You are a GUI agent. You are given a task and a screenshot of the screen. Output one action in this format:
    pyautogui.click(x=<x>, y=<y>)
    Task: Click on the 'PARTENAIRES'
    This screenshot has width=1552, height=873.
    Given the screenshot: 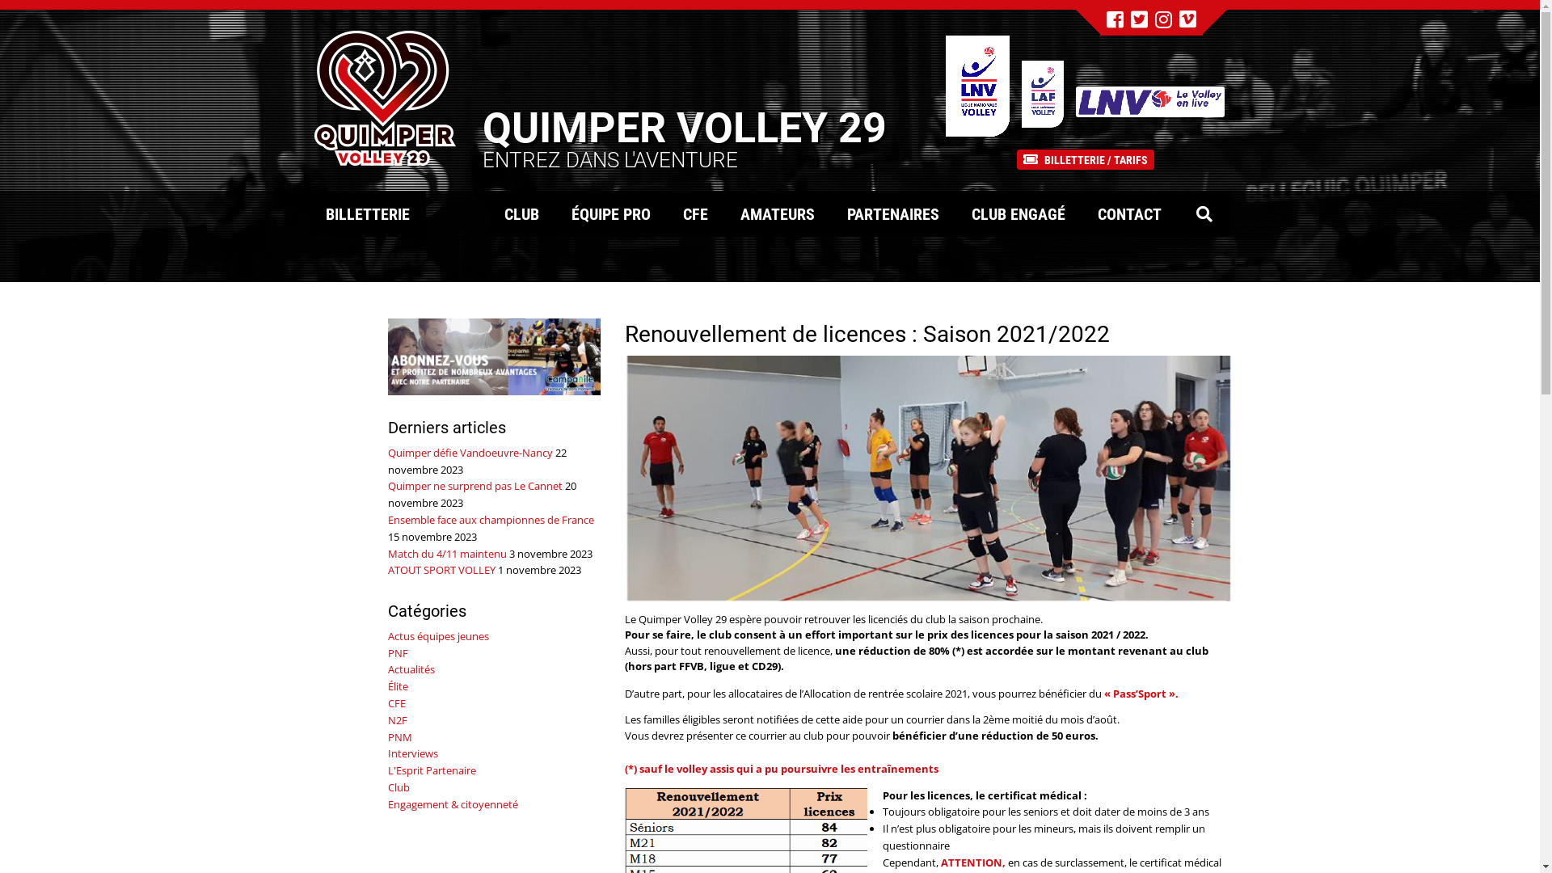 What is the action you would take?
    pyautogui.click(x=892, y=212)
    